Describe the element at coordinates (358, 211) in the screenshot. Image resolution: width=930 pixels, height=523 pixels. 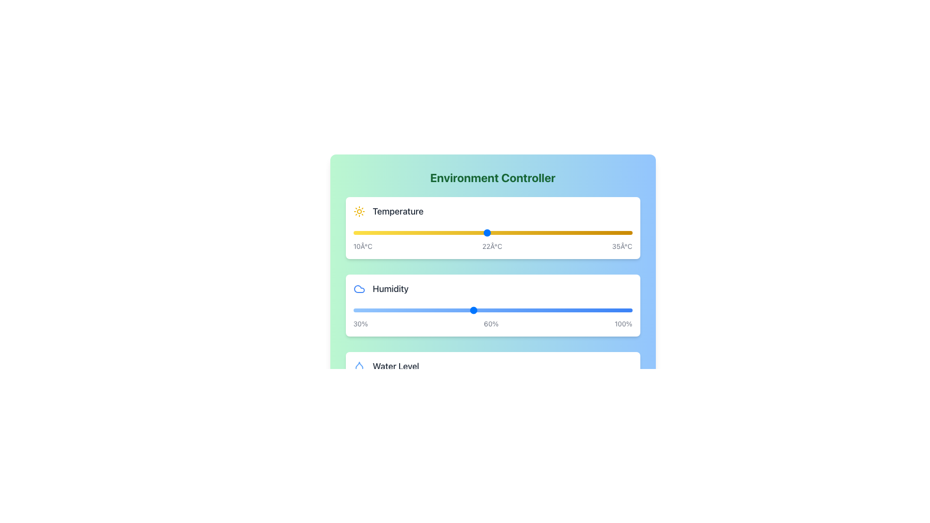
I see `the sun-shaped icon located on the left side of the header section labeled 'Temperature', which is styled in yellow and has rays extending outward` at that location.